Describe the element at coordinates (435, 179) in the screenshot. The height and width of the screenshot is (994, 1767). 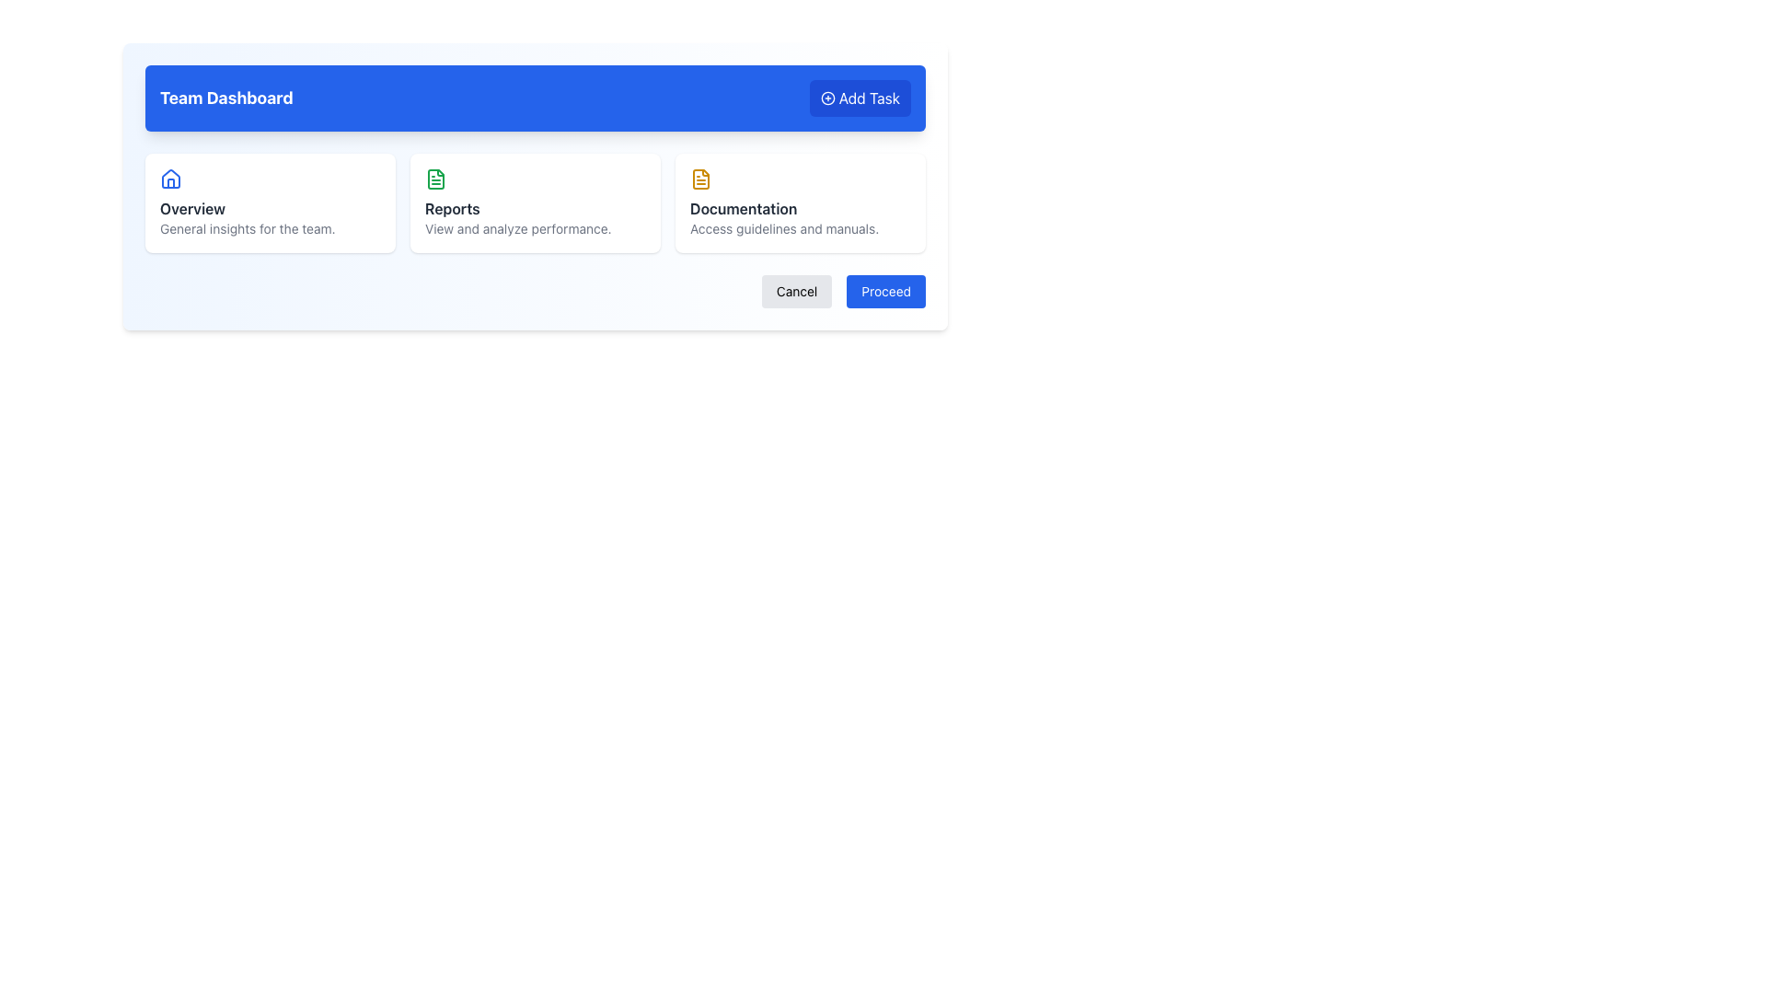
I see `the green rectangular document icon located within the 'Reports' card on the dashboard, which is the second icon from the left` at that location.